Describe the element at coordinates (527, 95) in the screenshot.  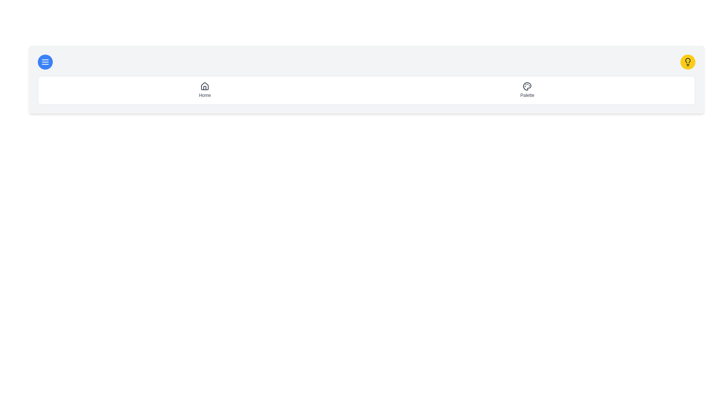
I see `the 'Palette' static text label, which is styled in a small font and positioned directly below the palette icon` at that location.